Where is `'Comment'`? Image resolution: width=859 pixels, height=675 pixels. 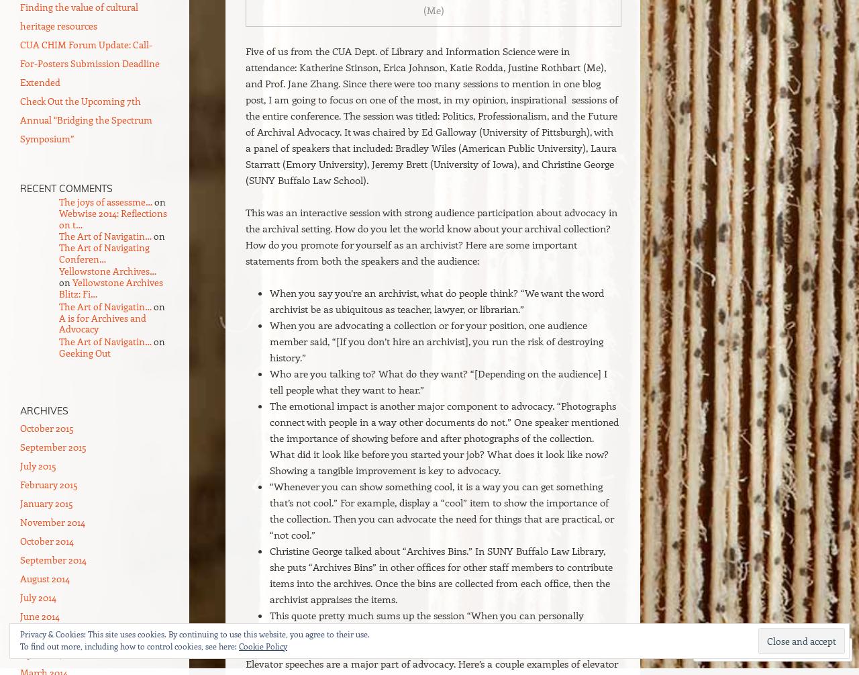
'Comment' is located at coordinates (717, 649).